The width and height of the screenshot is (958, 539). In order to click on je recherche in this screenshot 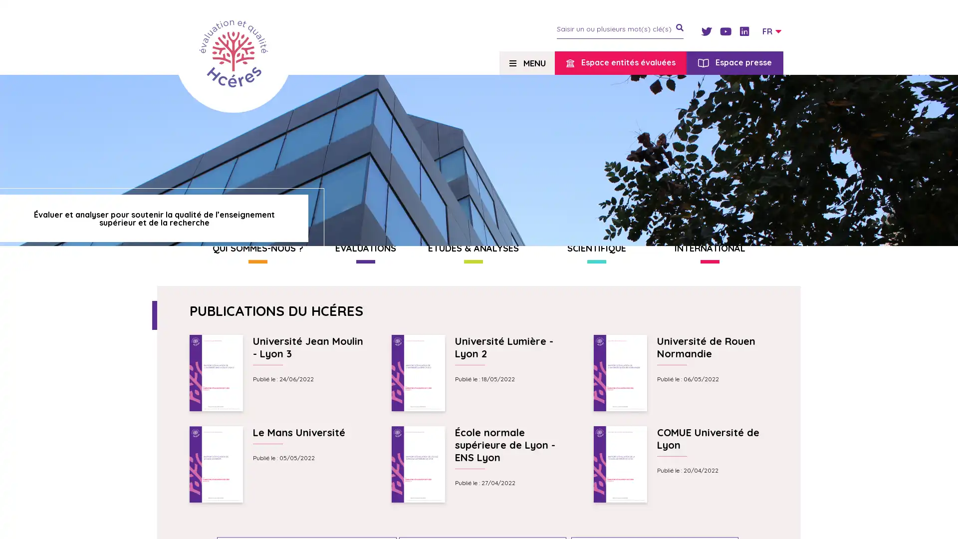, I will do `click(679, 27)`.